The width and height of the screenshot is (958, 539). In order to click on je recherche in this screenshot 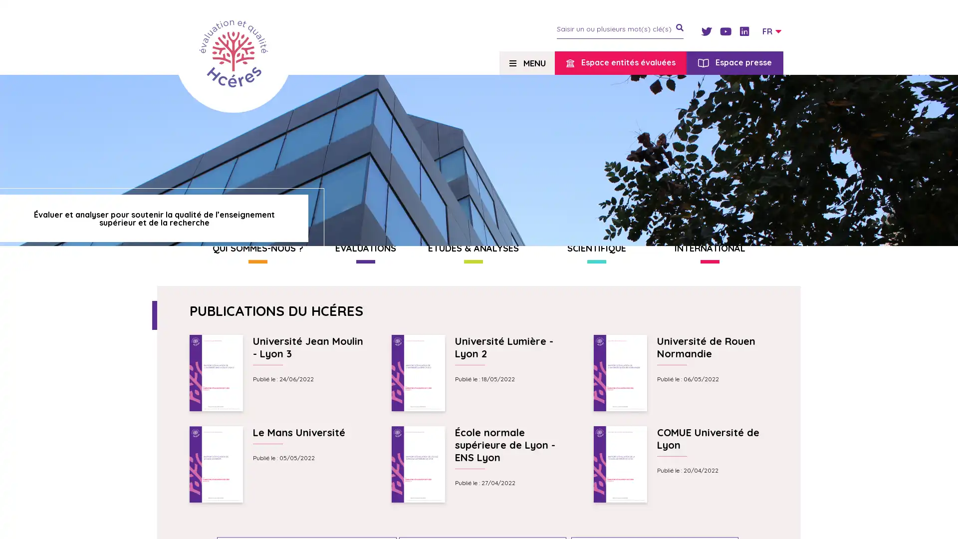, I will do `click(679, 27)`.